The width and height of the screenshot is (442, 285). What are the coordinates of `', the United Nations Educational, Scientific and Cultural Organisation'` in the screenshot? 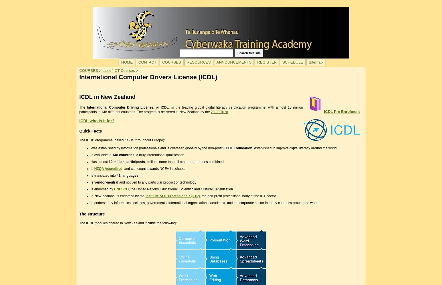 It's located at (180, 189).